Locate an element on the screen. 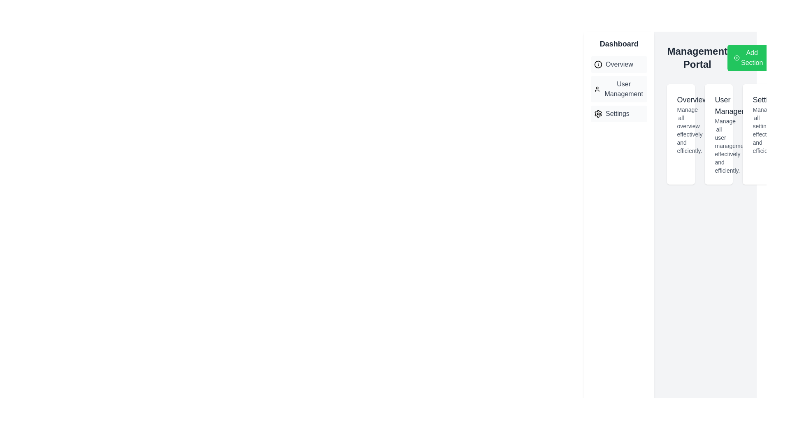 The height and width of the screenshot is (444, 790). the green rectangular button labeled 'Add Section' located in the top right corner of the Management Portal is located at coordinates (749, 58).